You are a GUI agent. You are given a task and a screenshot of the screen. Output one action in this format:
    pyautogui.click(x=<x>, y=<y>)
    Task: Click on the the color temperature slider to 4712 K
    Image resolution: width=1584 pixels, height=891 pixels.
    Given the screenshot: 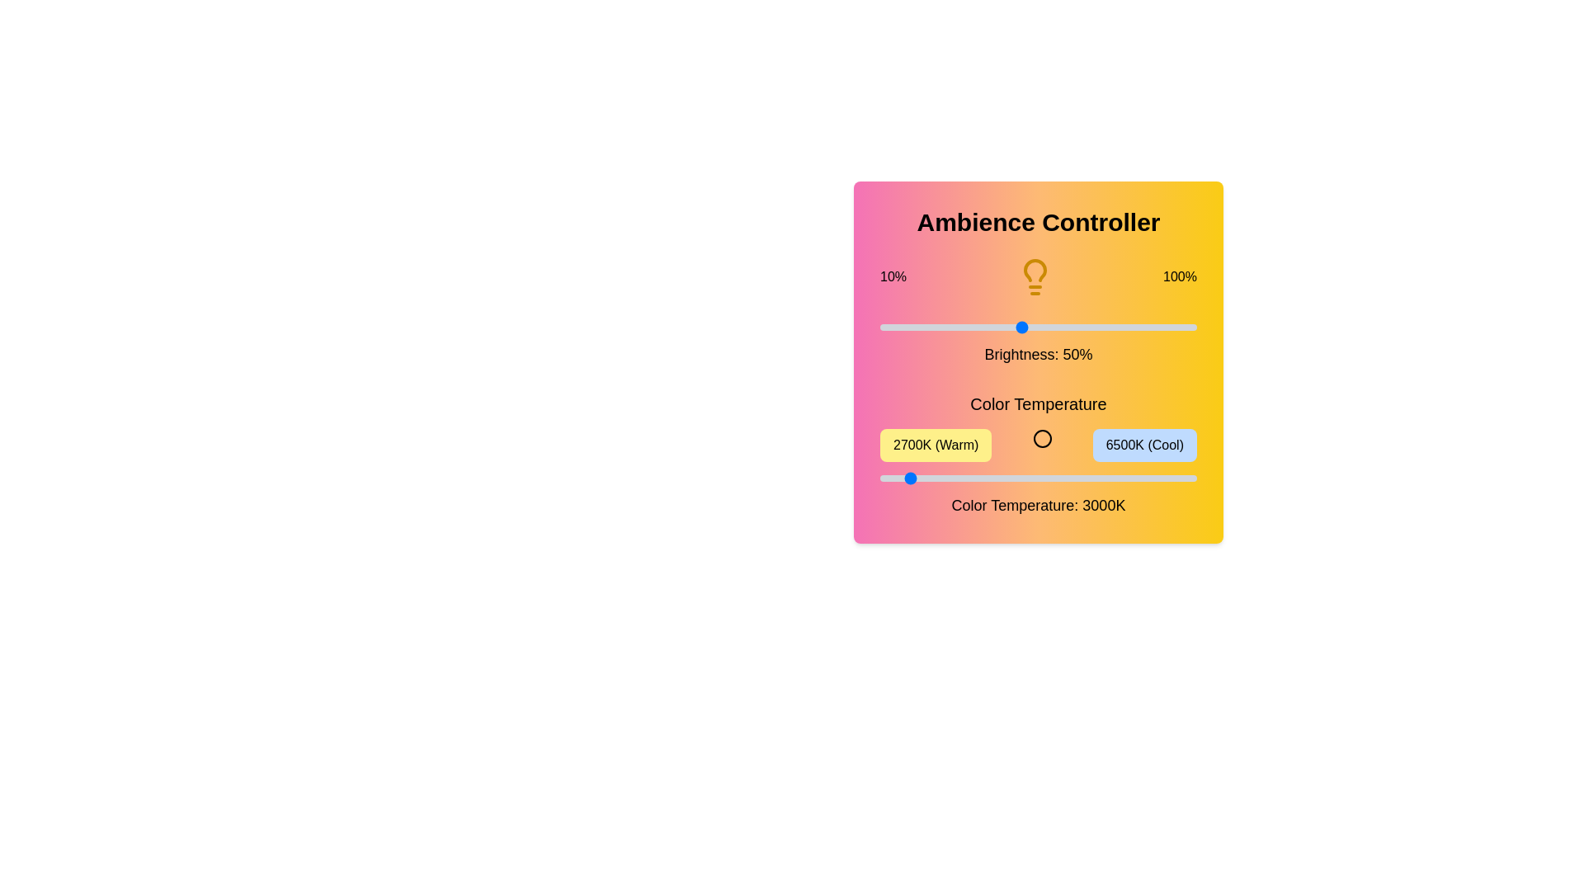 What is the action you would take?
    pyautogui.click(x=1047, y=478)
    